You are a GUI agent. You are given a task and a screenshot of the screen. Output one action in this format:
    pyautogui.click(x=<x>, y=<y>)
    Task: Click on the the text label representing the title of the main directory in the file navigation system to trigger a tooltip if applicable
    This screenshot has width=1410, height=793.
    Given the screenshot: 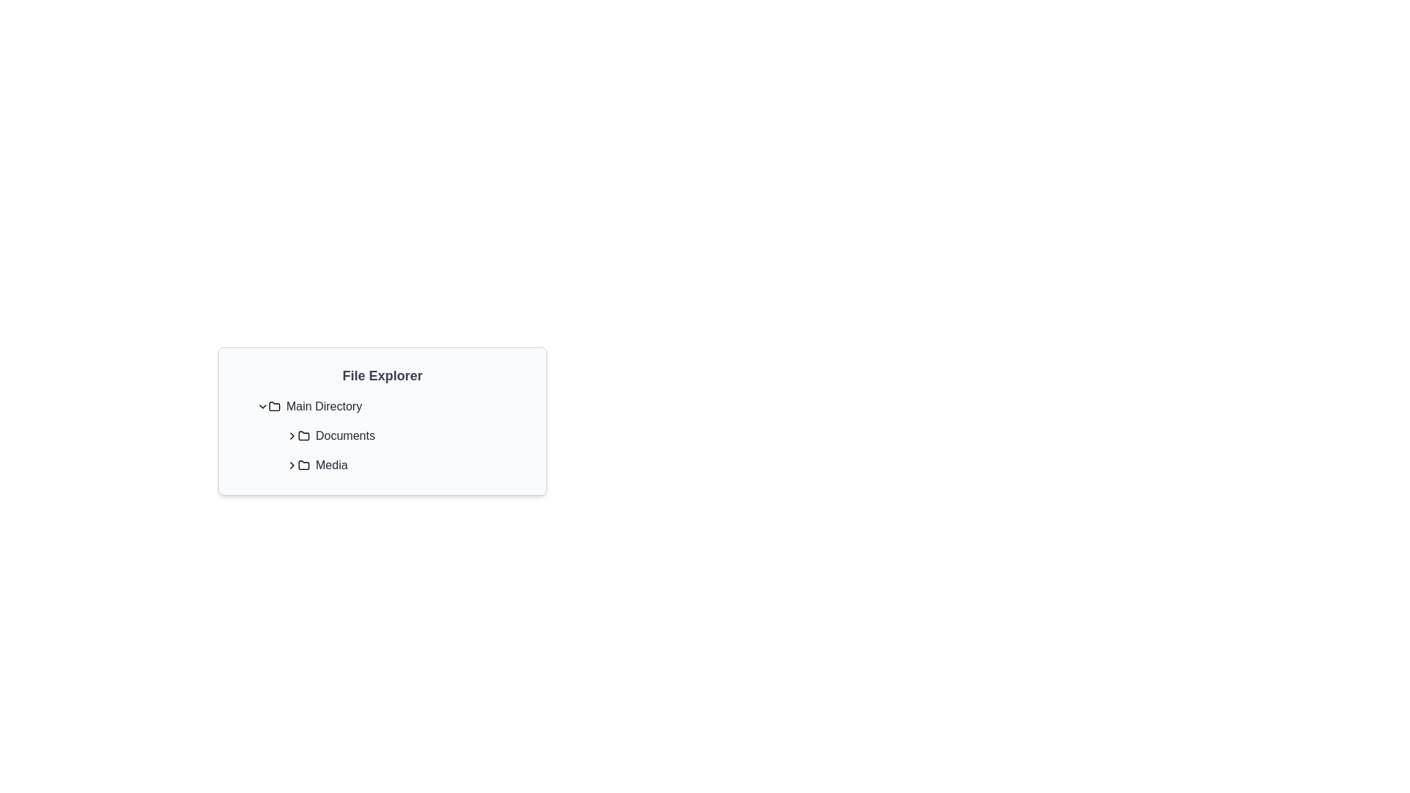 What is the action you would take?
    pyautogui.click(x=323, y=407)
    